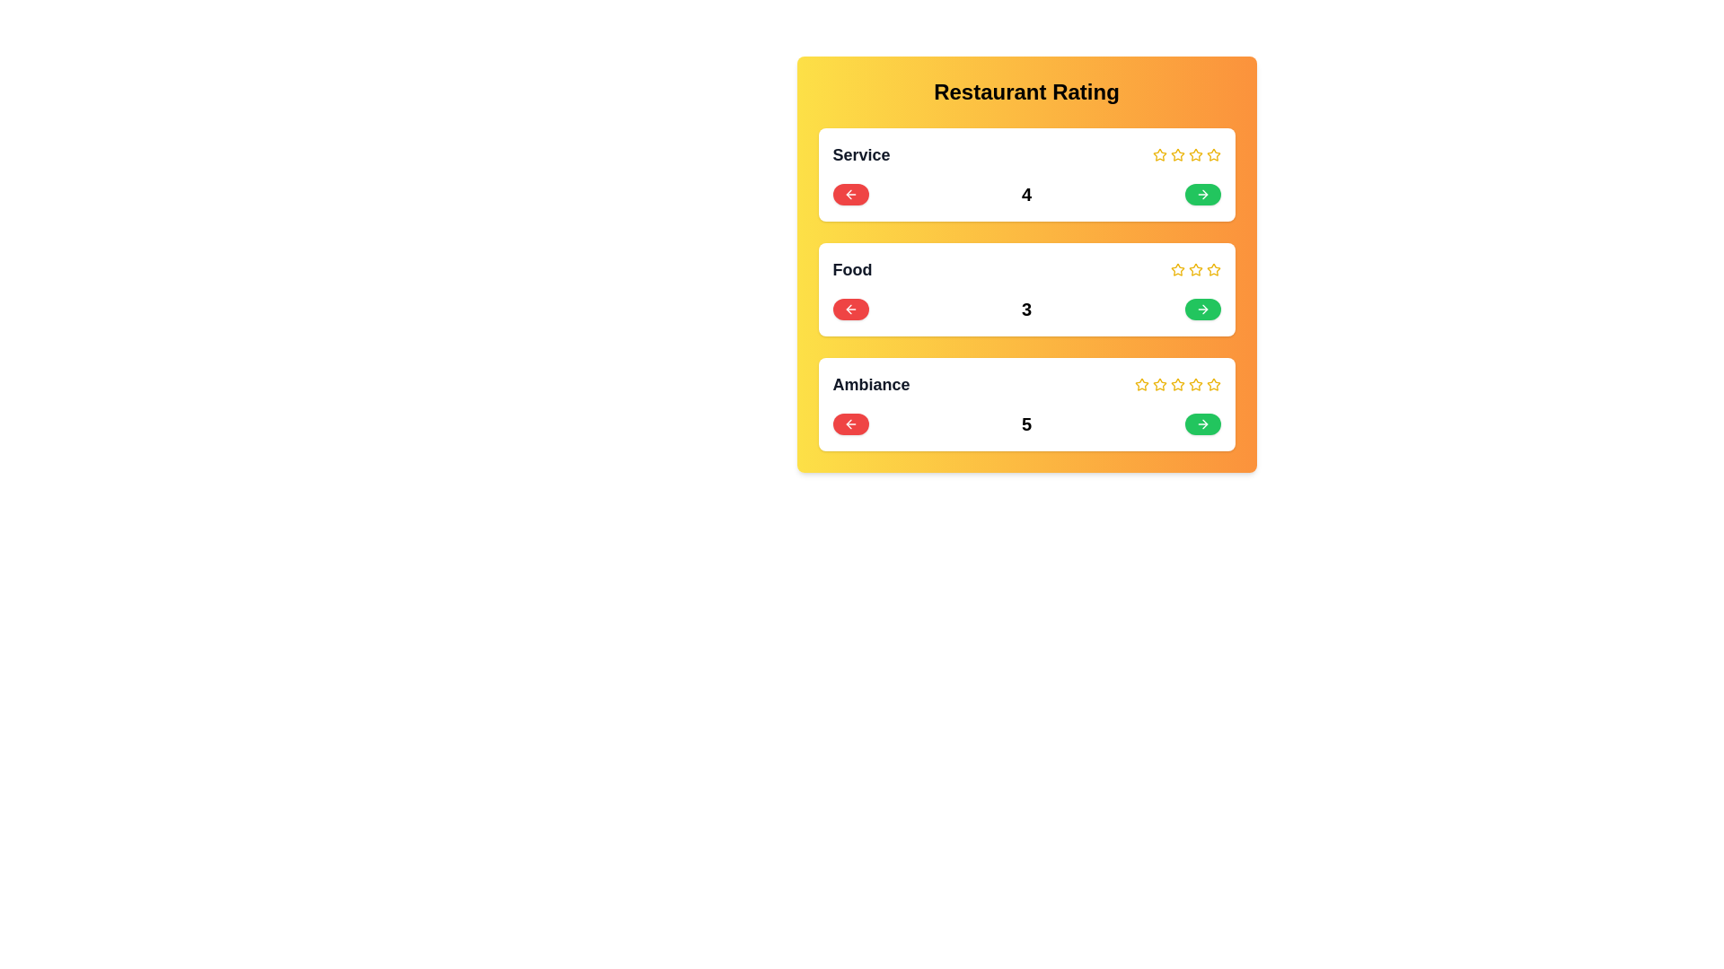 Image resolution: width=1724 pixels, height=969 pixels. What do you see at coordinates (1195, 154) in the screenshot?
I see `to select the fourth yellow outlined star icon in the 'Service' section of the 'Restaurant Rating' UI` at bounding box center [1195, 154].